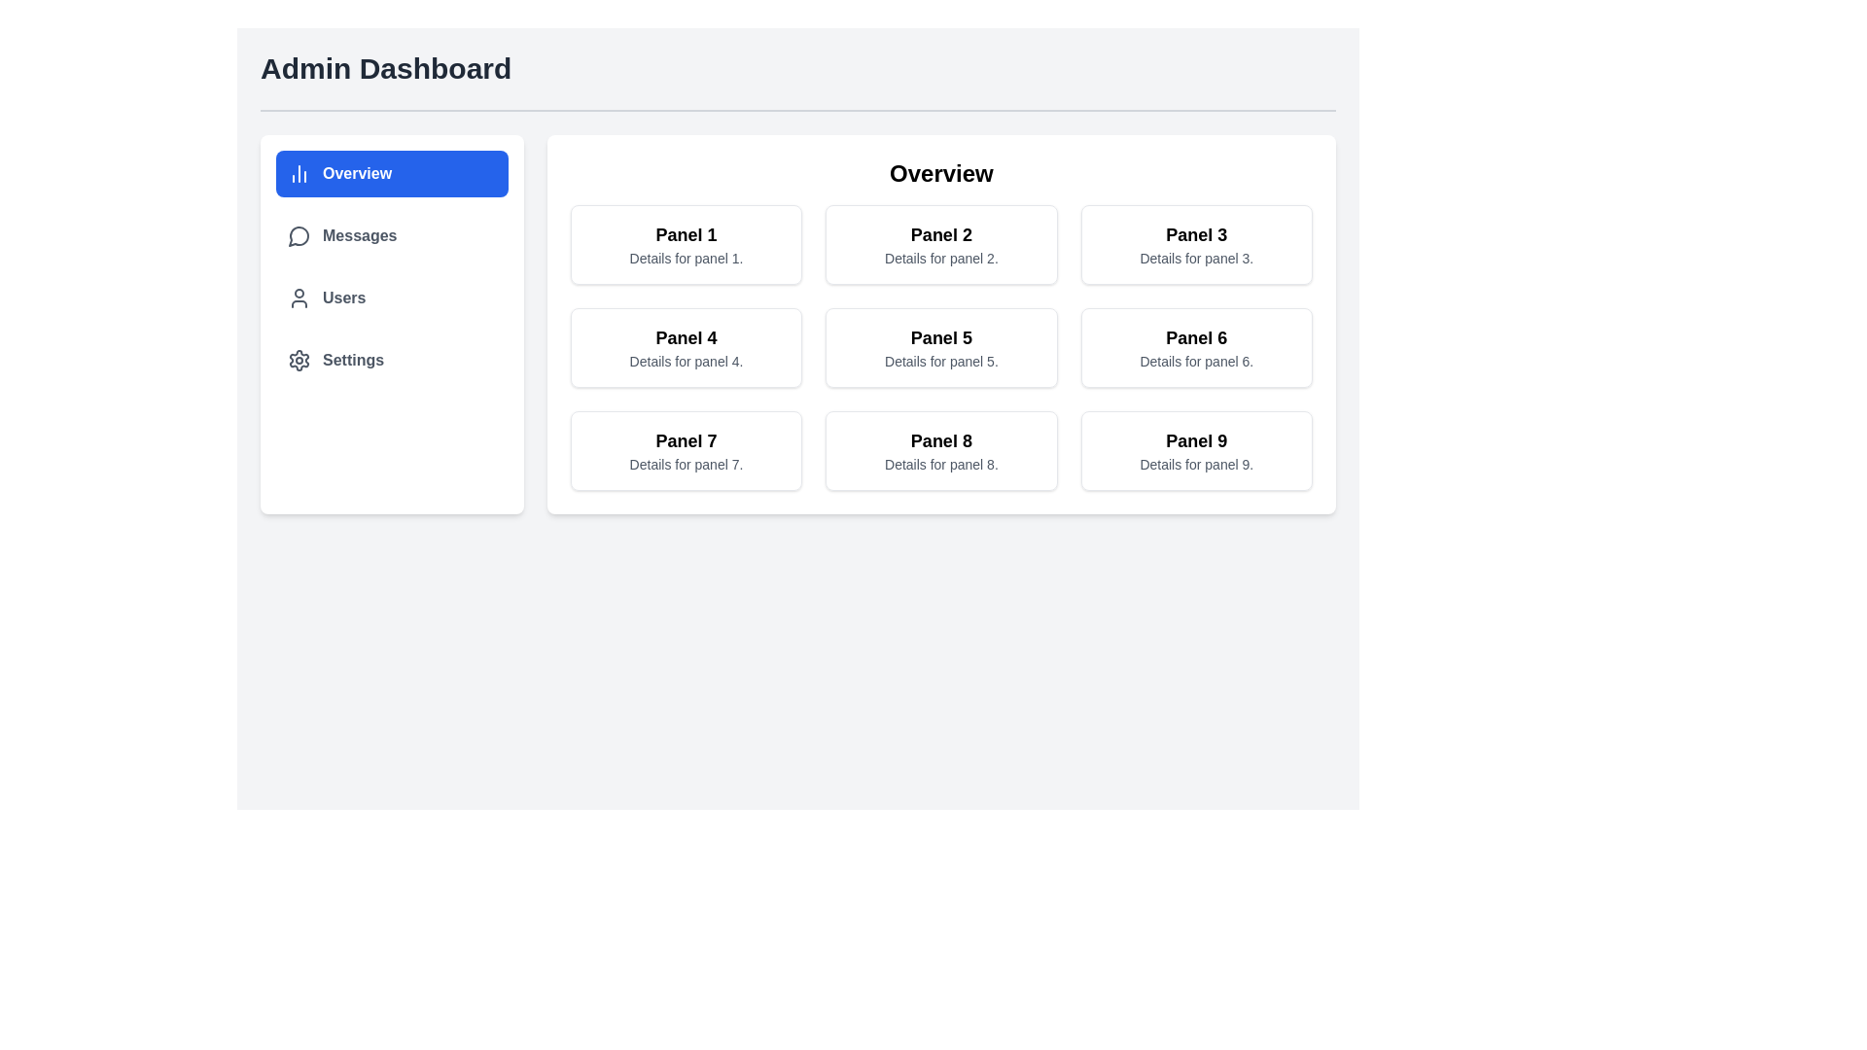  What do you see at coordinates (941, 258) in the screenshot?
I see `the text label displaying 'Details for panel 2', which is located beneath the 'Panel 2' title in the second column of the top row in a 3x3 grid layout` at bounding box center [941, 258].